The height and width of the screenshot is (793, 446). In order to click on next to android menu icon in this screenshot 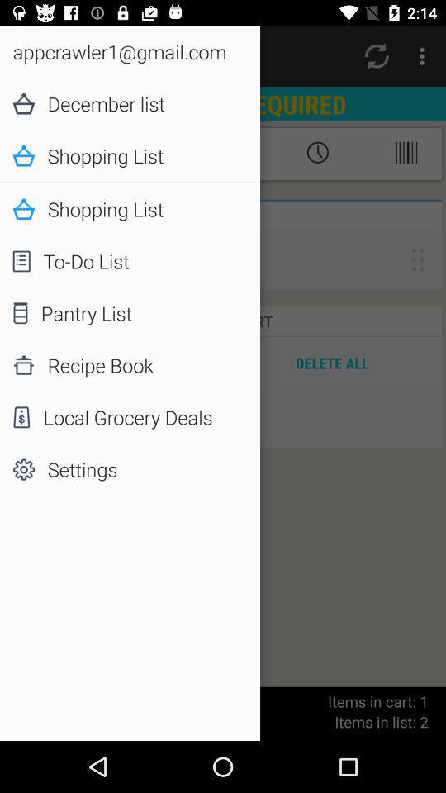, I will do `click(377, 56)`.